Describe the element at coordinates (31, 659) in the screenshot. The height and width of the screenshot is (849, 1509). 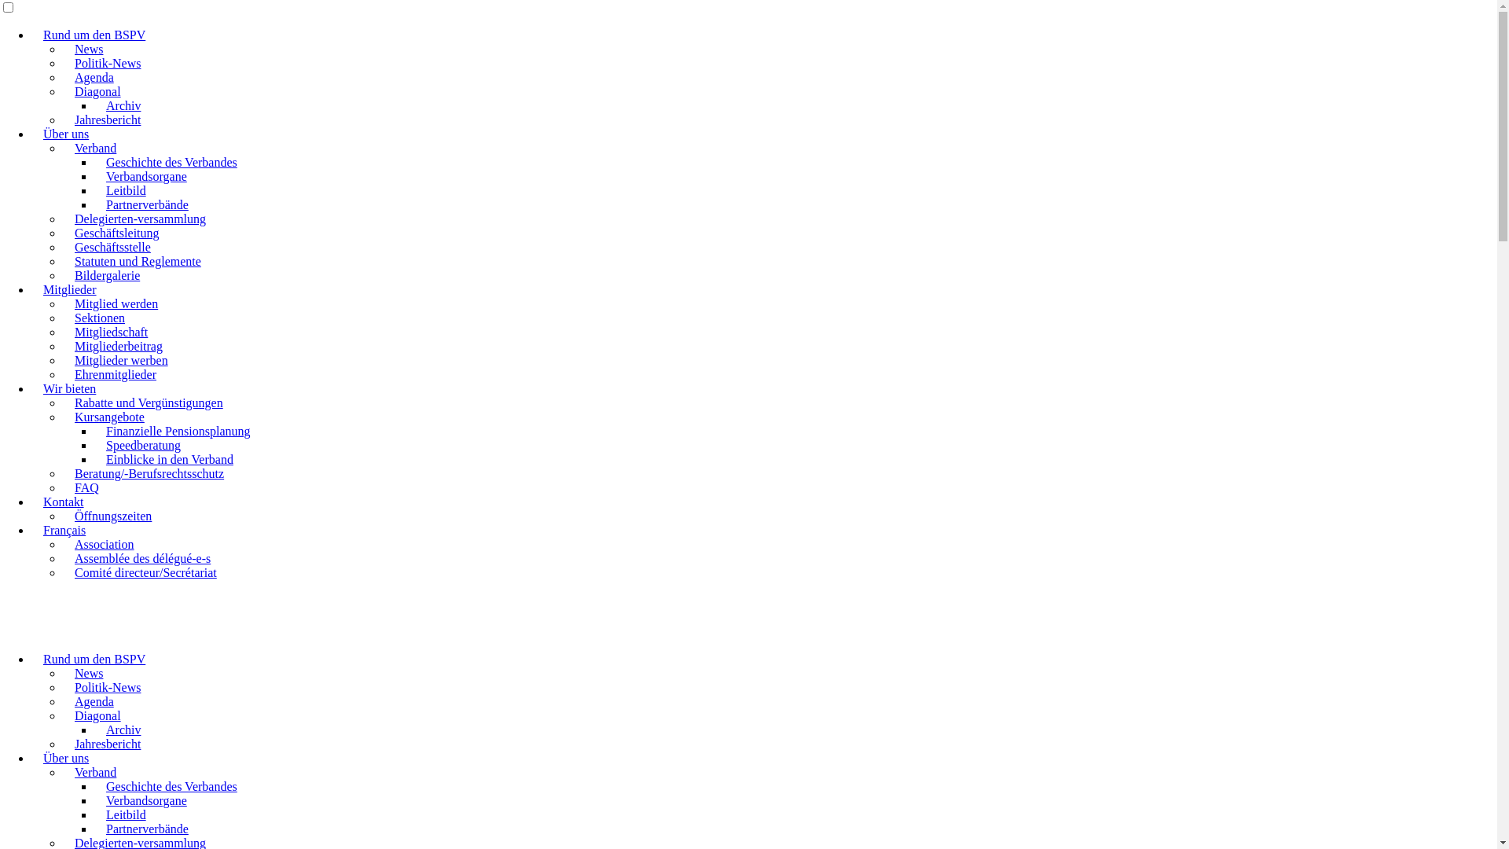
I see `'Rund um den BSPV'` at that location.